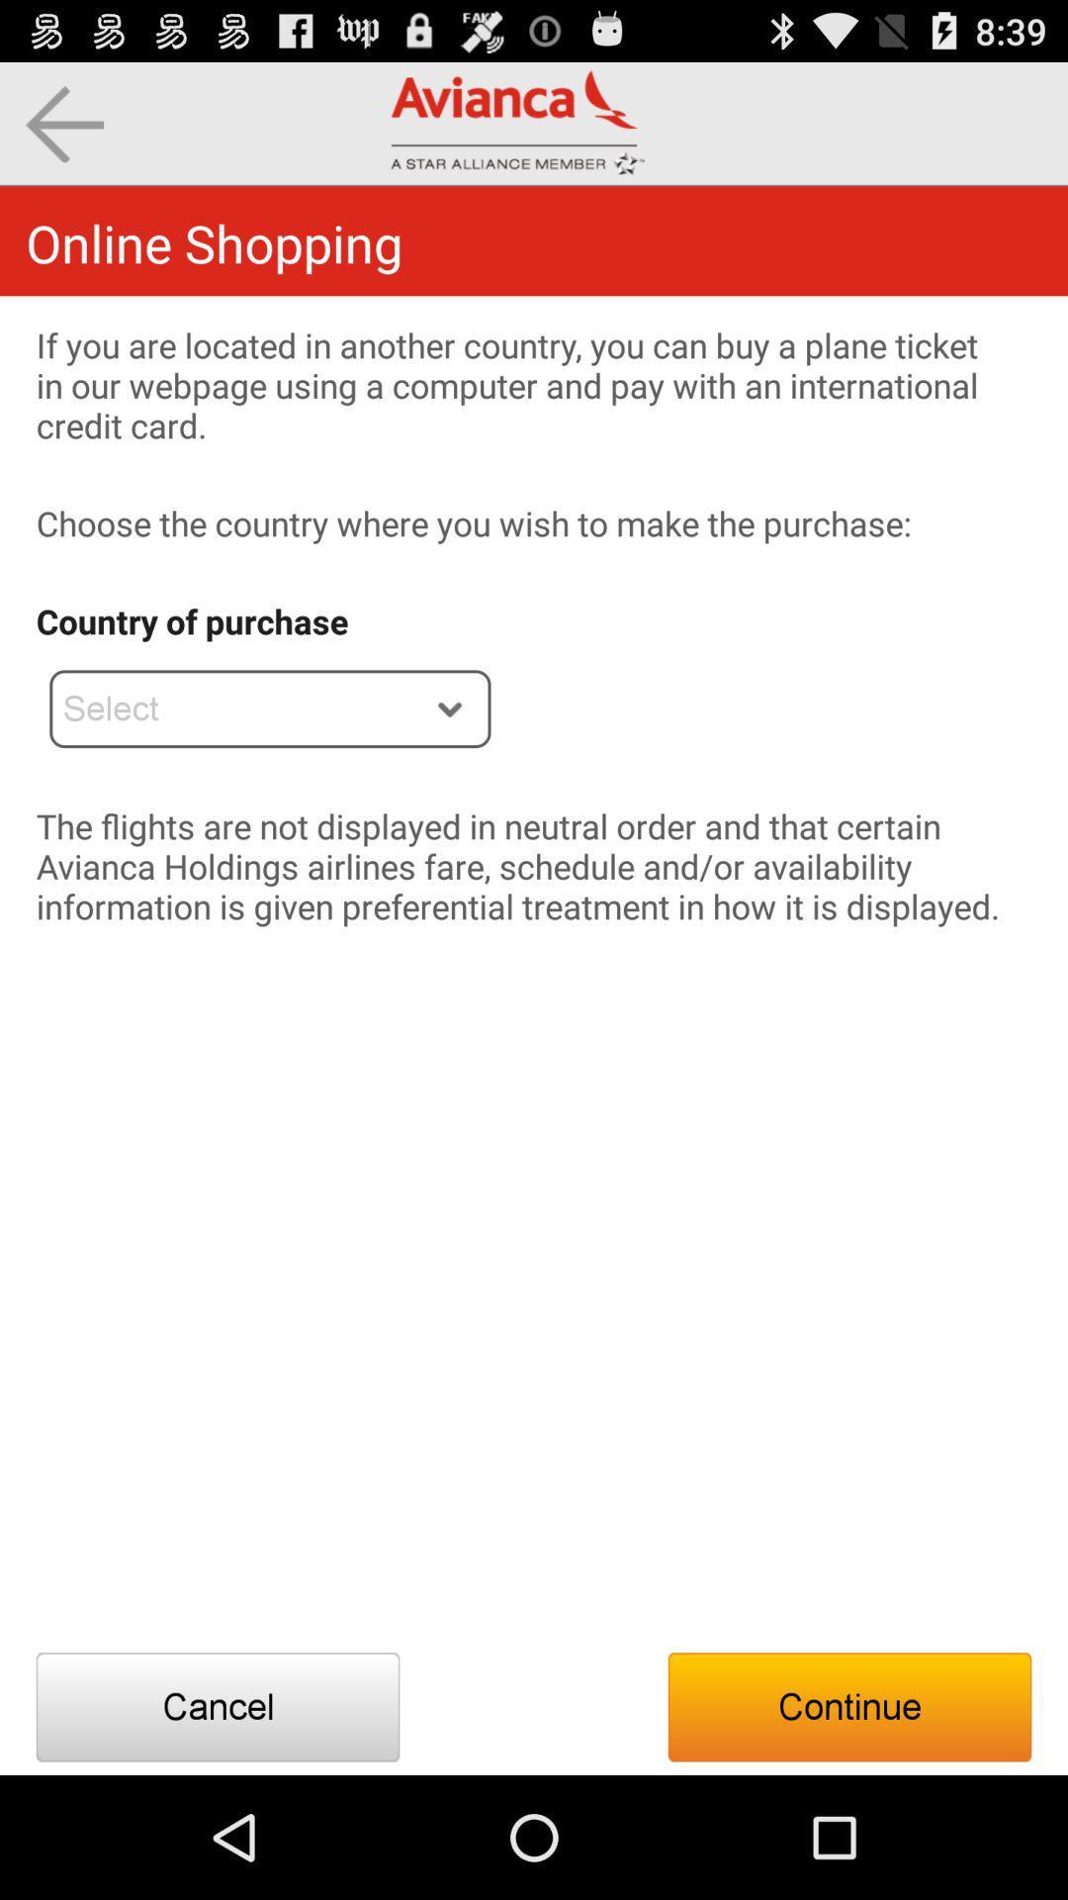 The width and height of the screenshot is (1068, 1900). What do you see at coordinates (63, 123) in the screenshot?
I see `go back` at bounding box center [63, 123].